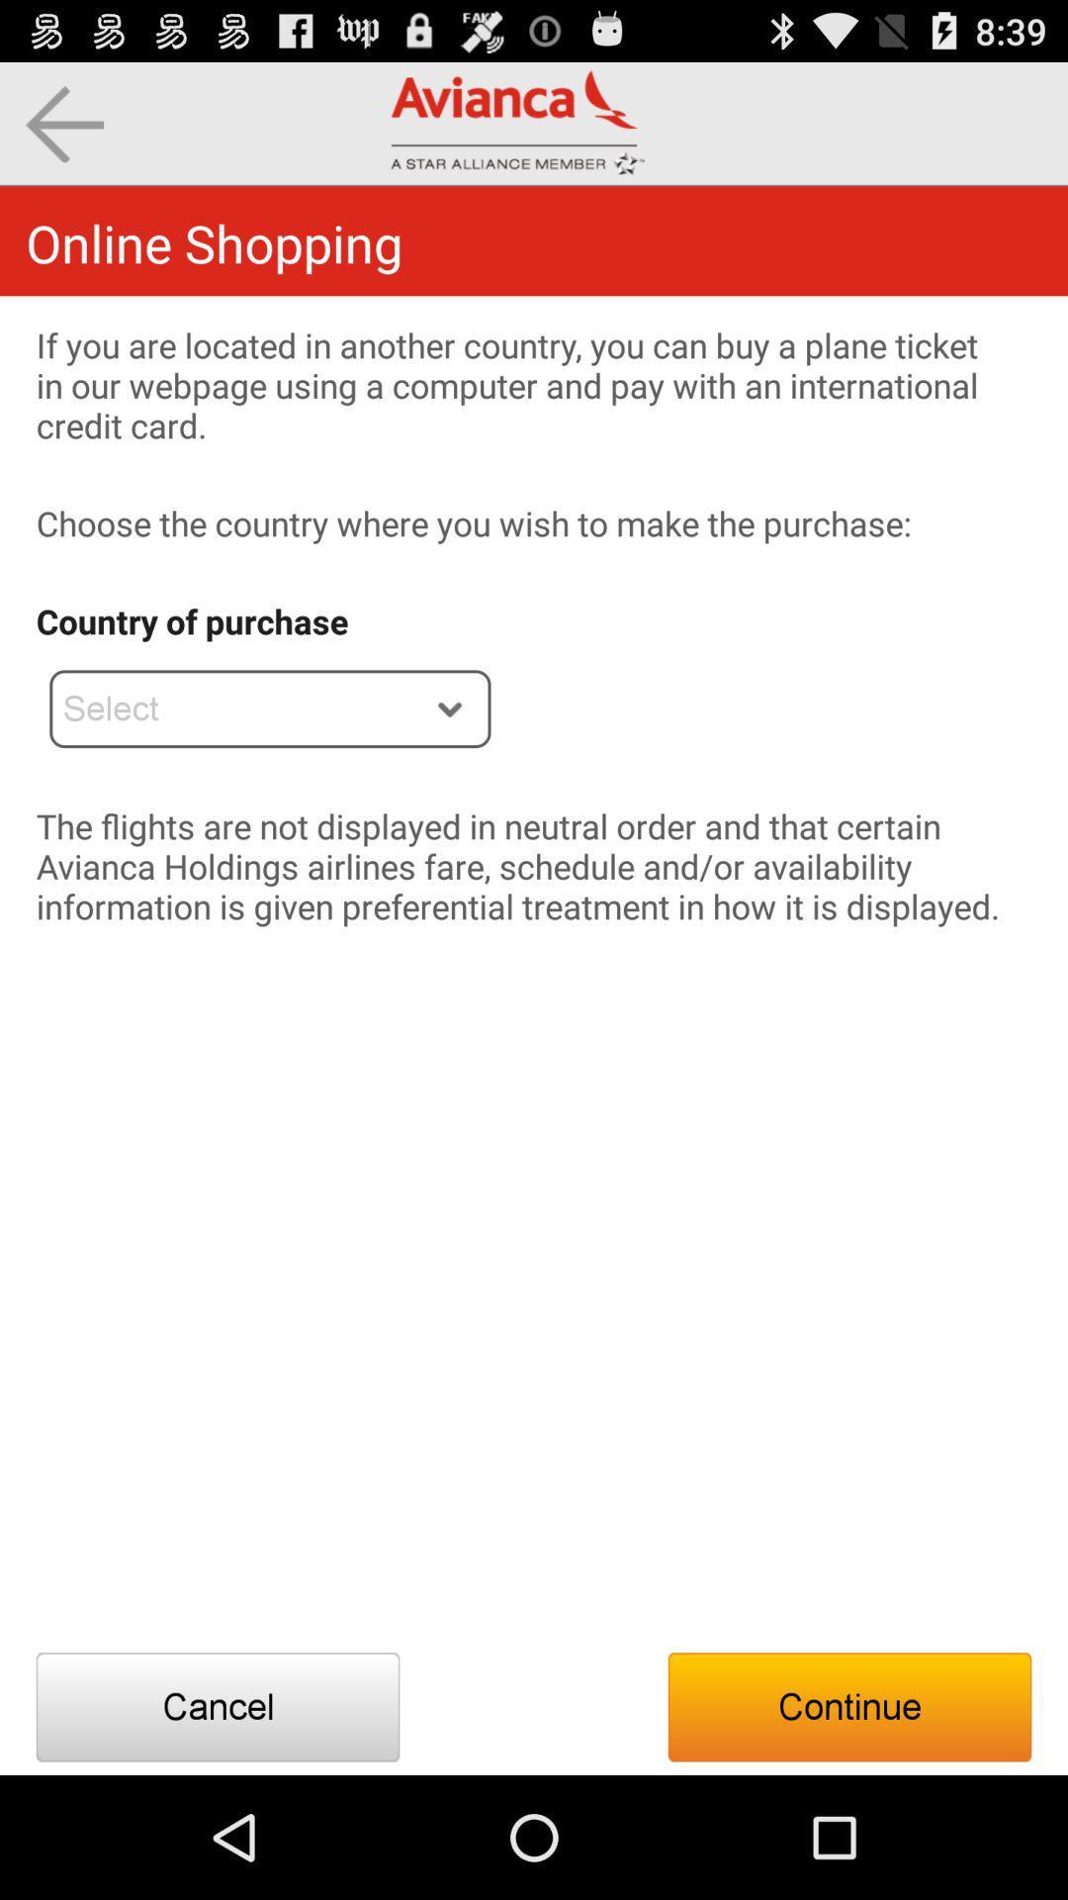 The width and height of the screenshot is (1068, 1900). What do you see at coordinates (63, 123) in the screenshot?
I see `go back` at bounding box center [63, 123].